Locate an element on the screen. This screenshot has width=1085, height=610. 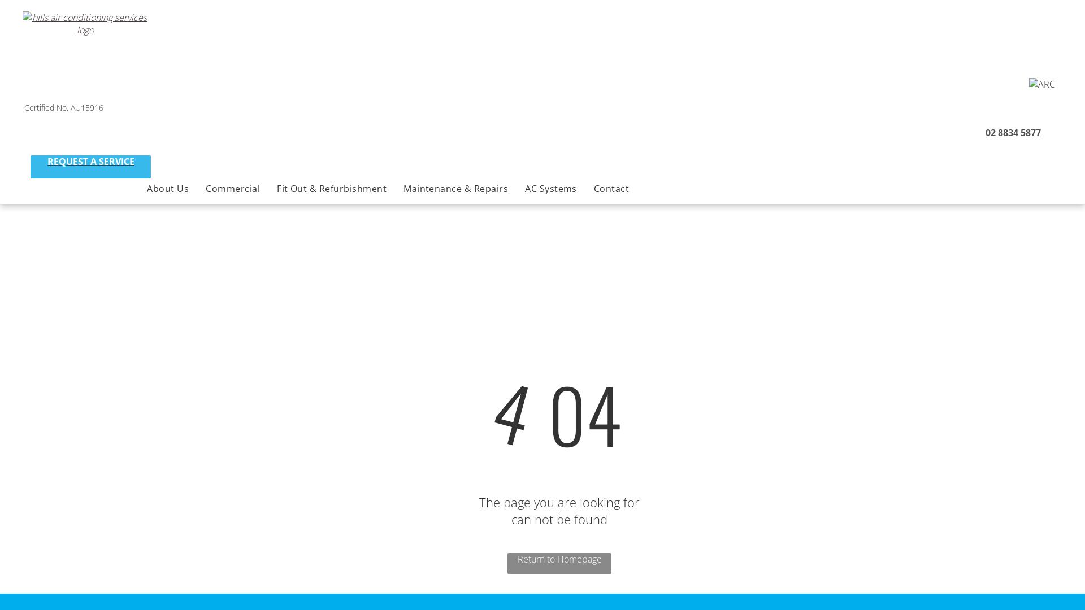
'Maintenance & Repairs' is located at coordinates (395, 188).